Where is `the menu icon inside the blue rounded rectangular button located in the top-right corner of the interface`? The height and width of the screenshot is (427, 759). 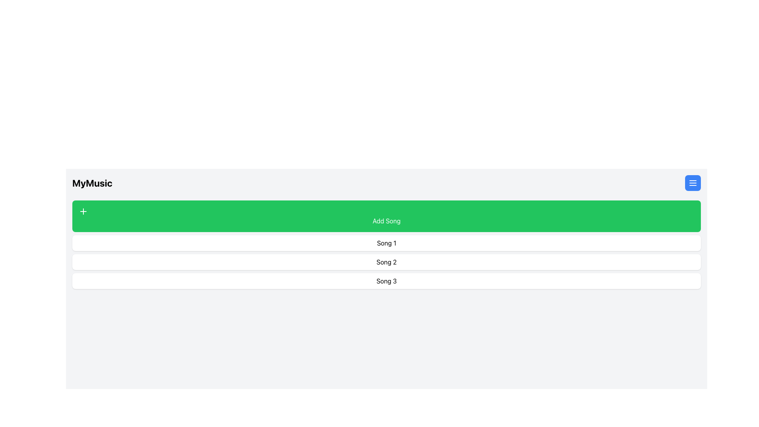
the menu icon inside the blue rounded rectangular button located in the top-right corner of the interface is located at coordinates (692, 183).